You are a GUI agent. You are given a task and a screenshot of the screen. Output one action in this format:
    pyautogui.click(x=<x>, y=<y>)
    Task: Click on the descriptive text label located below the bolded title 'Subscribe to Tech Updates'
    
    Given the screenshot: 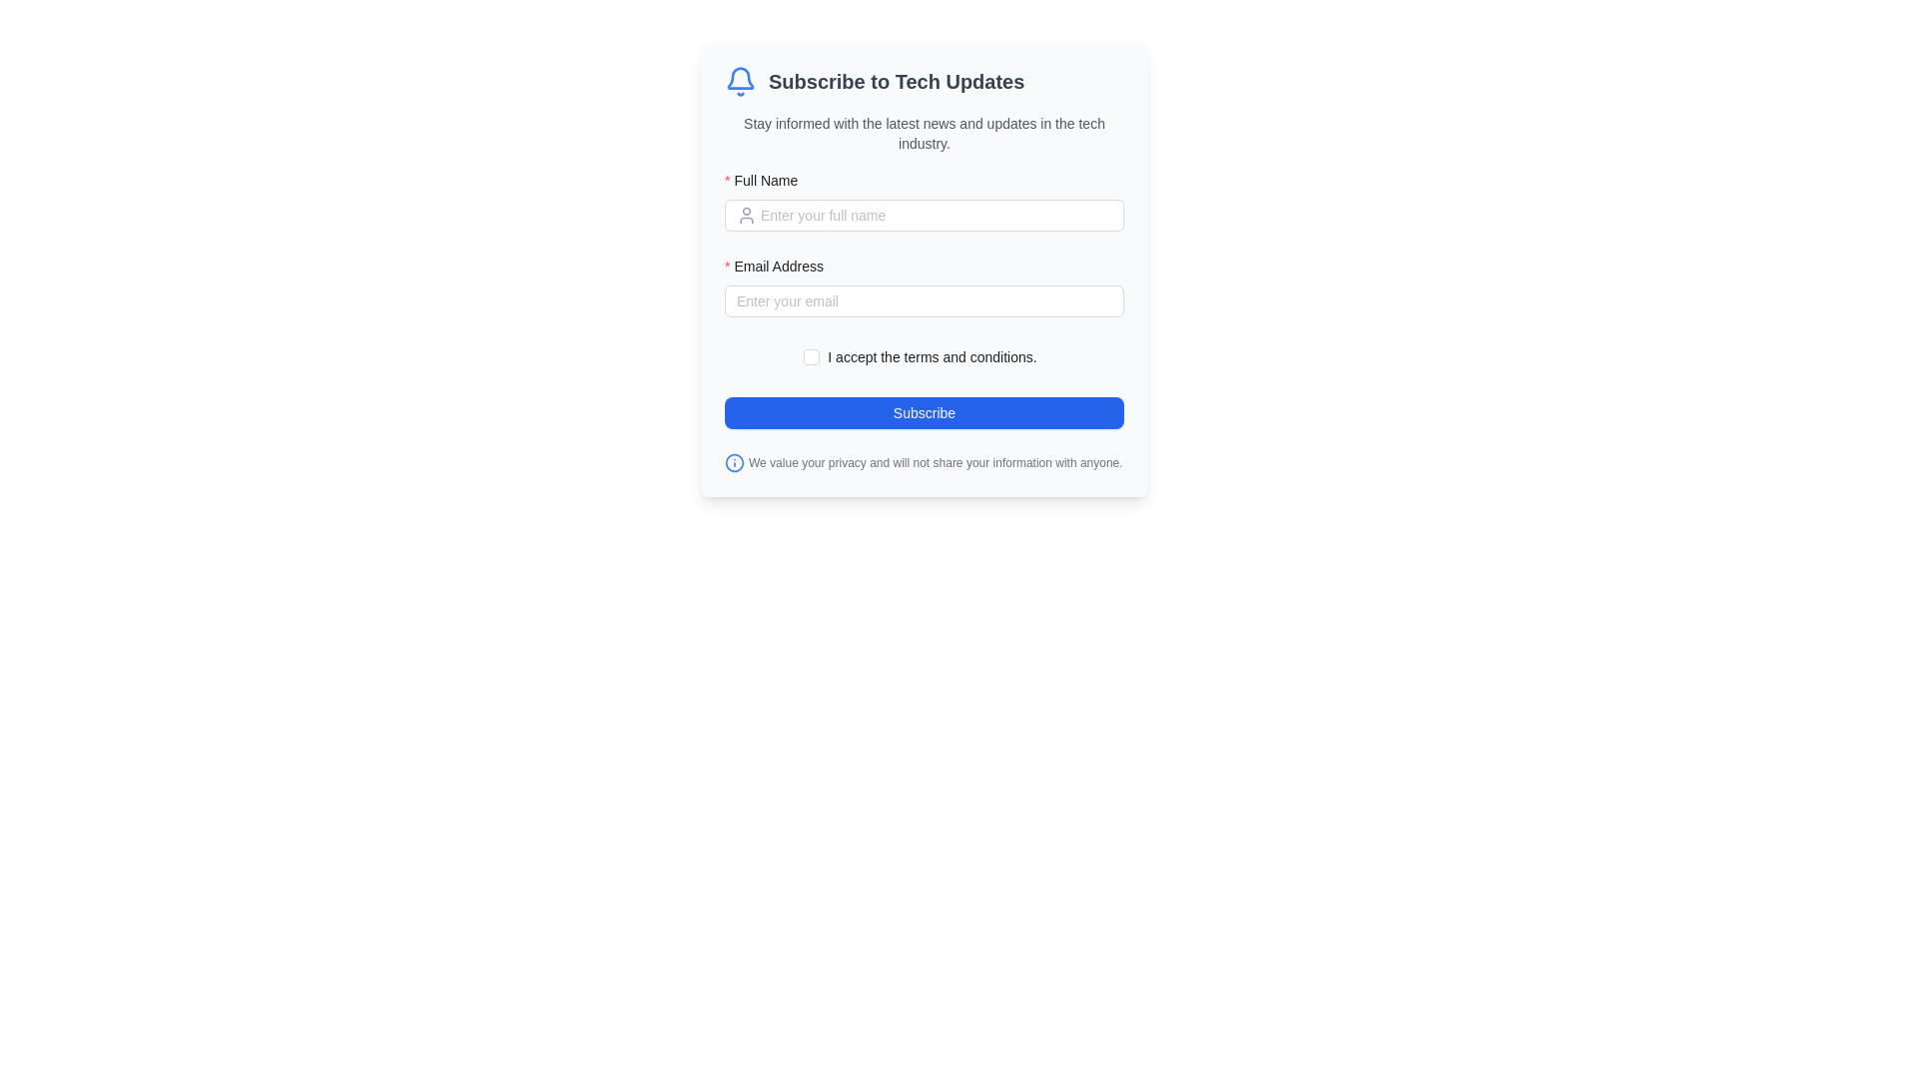 What is the action you would take?
    pyautogui.click(x=924, y=134)
    